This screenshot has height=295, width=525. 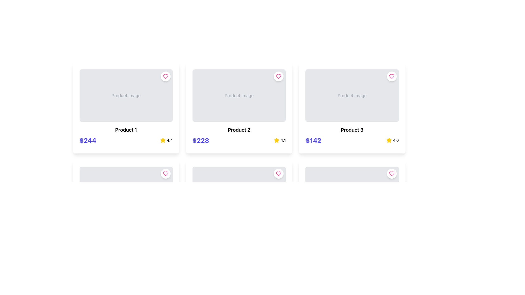 What do you see at coordinates (391, 76) in the screenshot?
I see `the favorite button located at the top-right corner of the card representing 'Product 3'` at bounding box center [391, 76].